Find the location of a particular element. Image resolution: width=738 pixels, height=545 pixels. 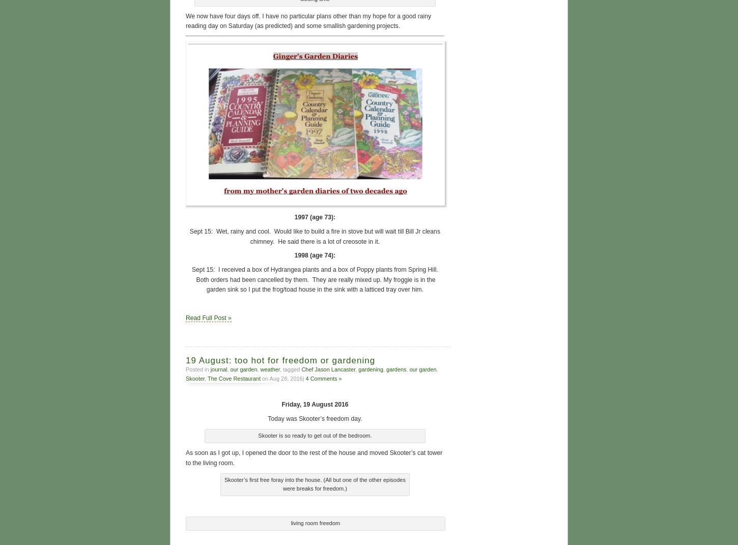

', tagged' is located at coordinates (290, 368).